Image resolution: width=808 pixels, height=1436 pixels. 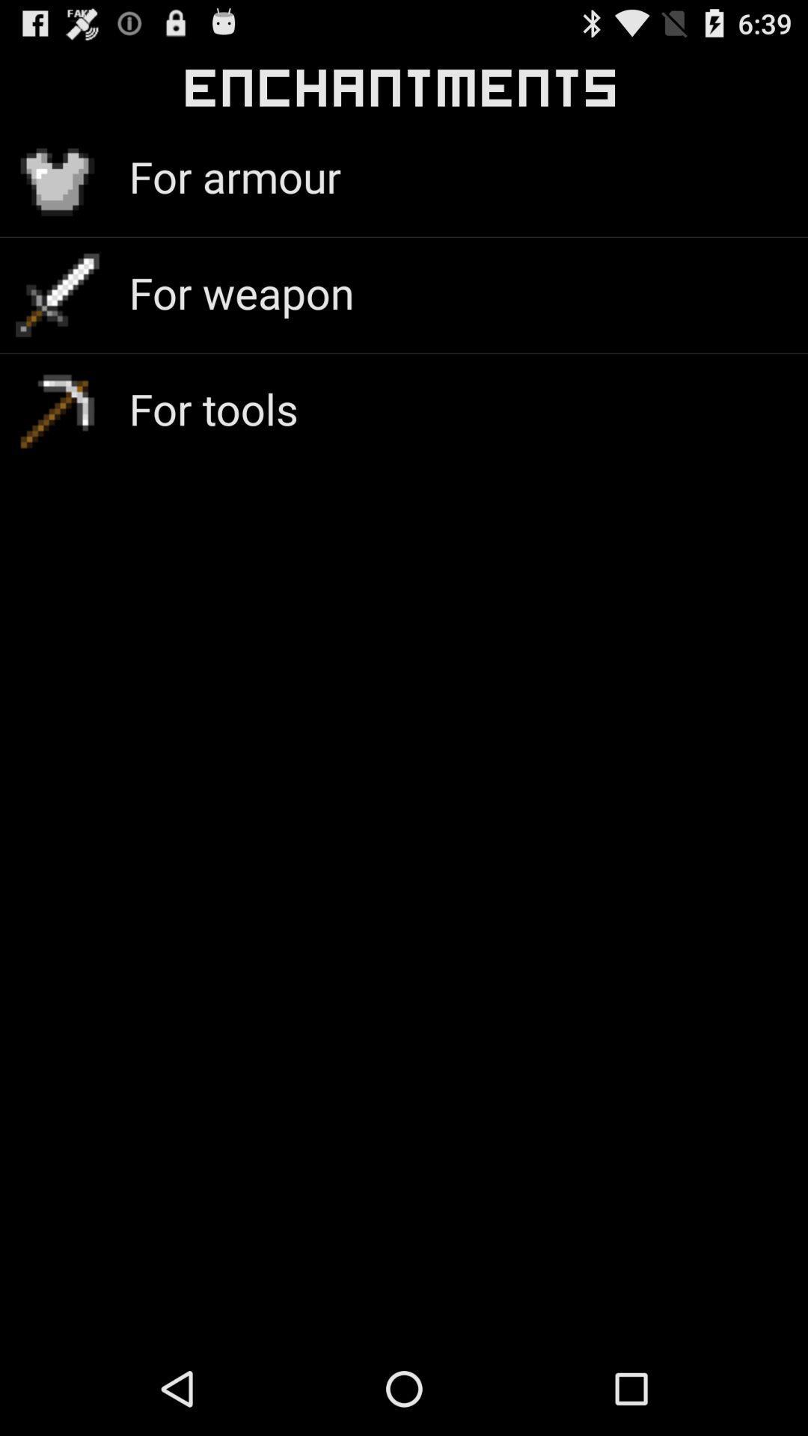 I want to click on the for armour icon, so click(x=235, y=176).